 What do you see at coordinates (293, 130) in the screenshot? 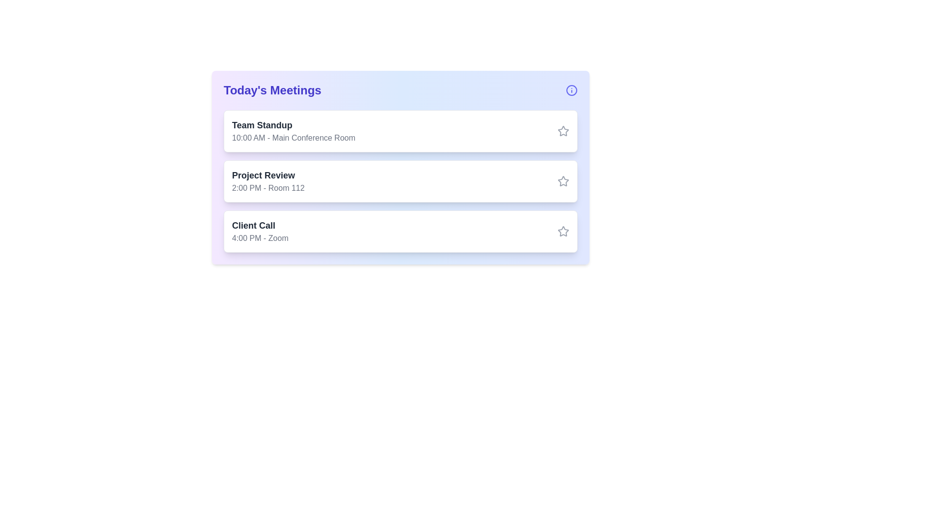
I see `the Text display area showing meeting details with the title 'Team Standup' and subtitle '10:00 AM - Main Conference Room', located near the top of the meeting list` at bounding box center [293, 130].